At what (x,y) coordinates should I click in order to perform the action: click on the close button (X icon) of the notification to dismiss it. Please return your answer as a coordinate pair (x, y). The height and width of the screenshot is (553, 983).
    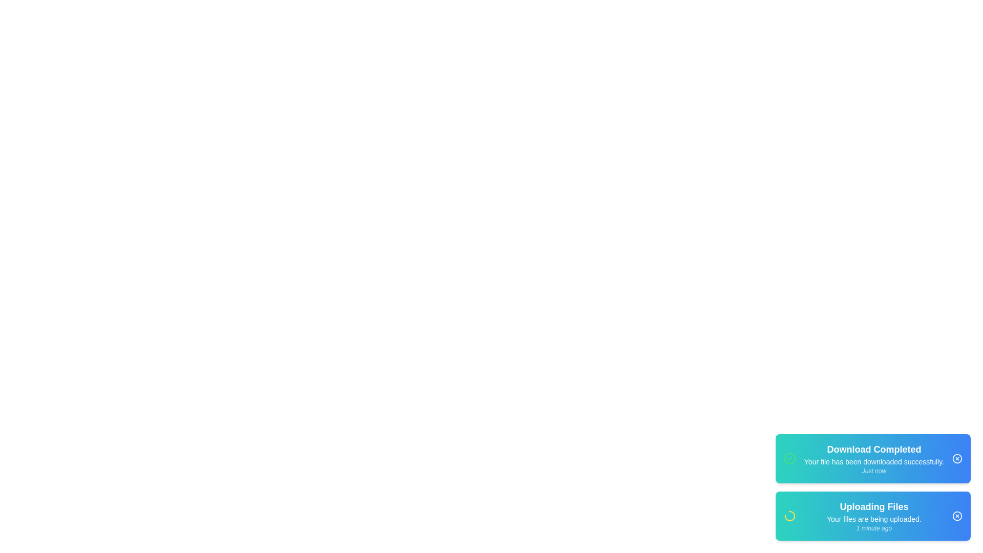
    Looking at the image, I should click on (957, 458).